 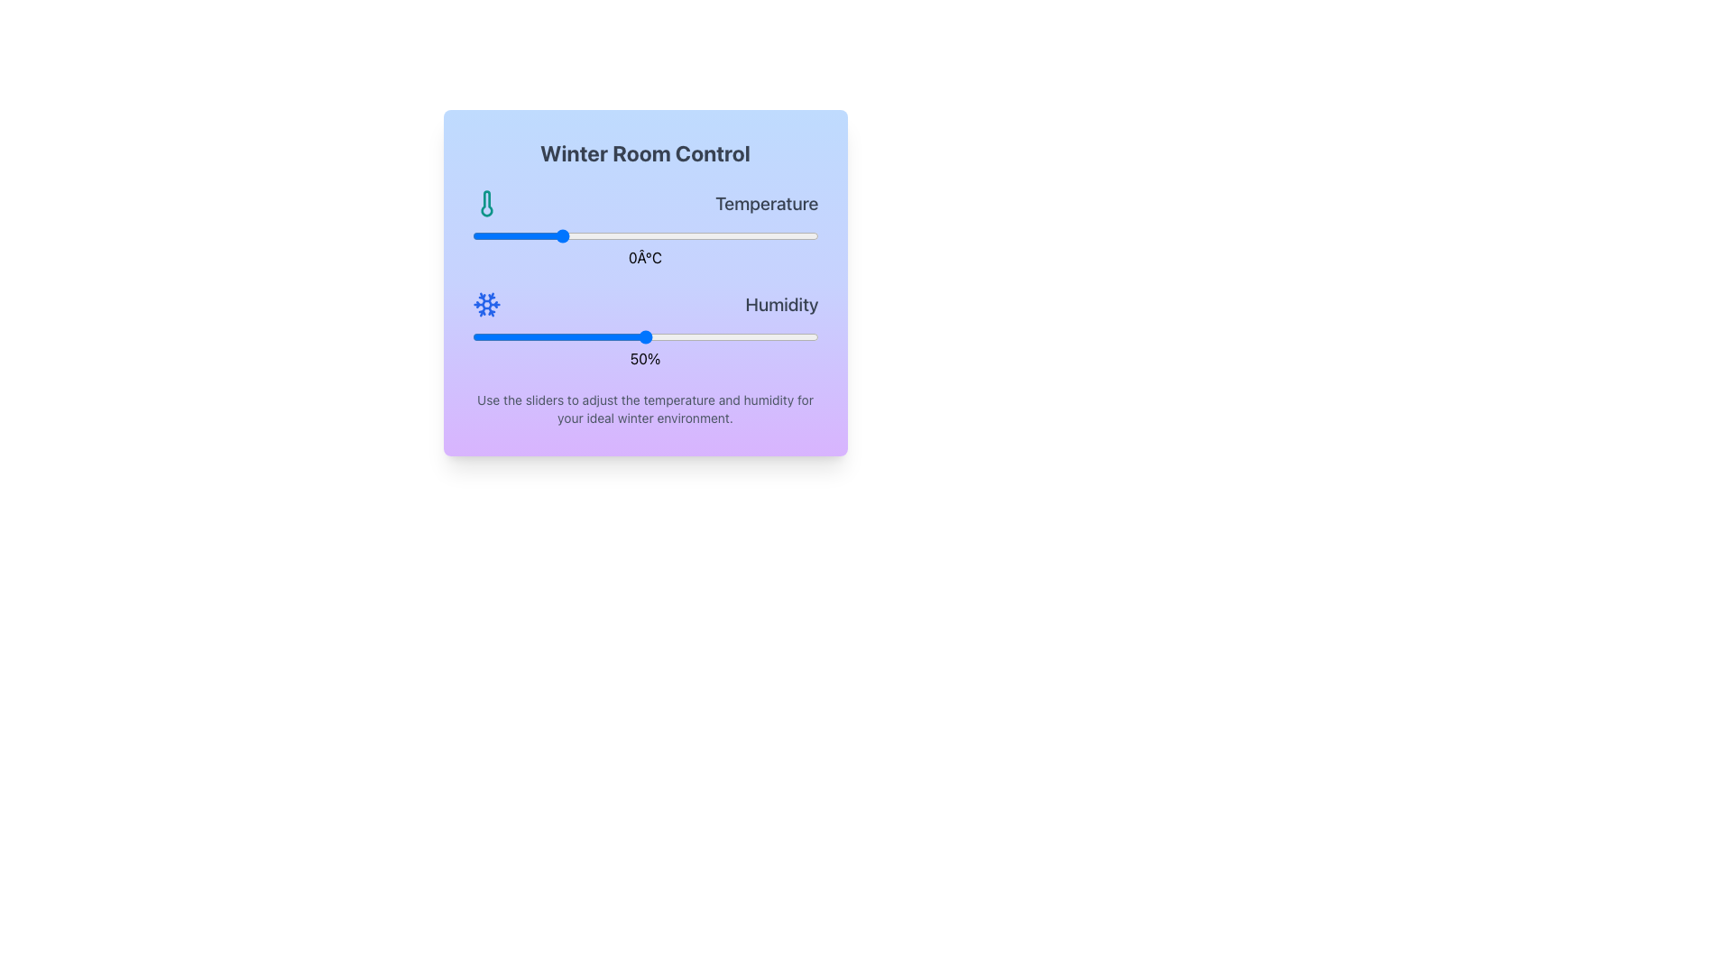 What do you see at coordinates (784, 235) in the screenshot?
I see `the temperature` at bounding box center [784, 235].